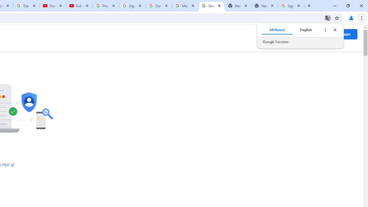 This screenshot has height=207, width=368. Describe the element at coordinates (79, 6) in the screenshot. I see `'Subscriptions - YouTube'` at that location.